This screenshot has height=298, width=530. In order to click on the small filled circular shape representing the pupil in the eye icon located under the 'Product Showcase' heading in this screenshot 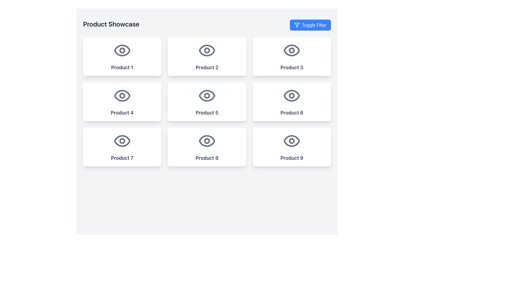, I will do `click(122, 50)`.